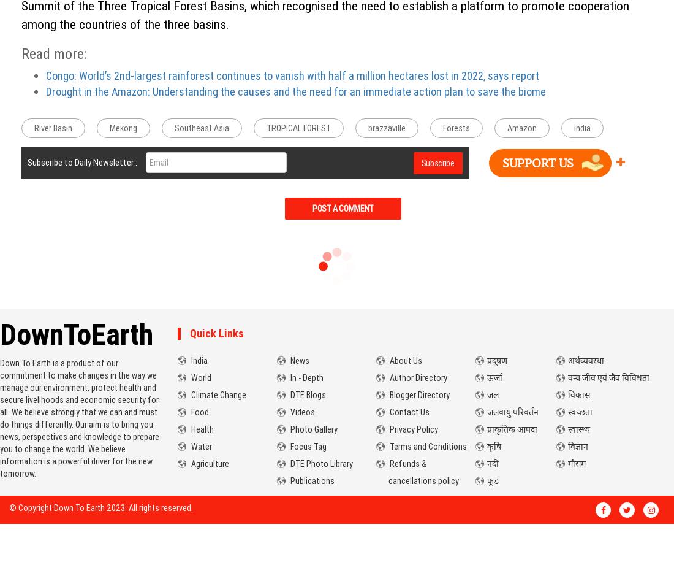 Image resolution: width=674 pixels, height=573 pixels. I want to click on 'Hindi', so click(499, 333).